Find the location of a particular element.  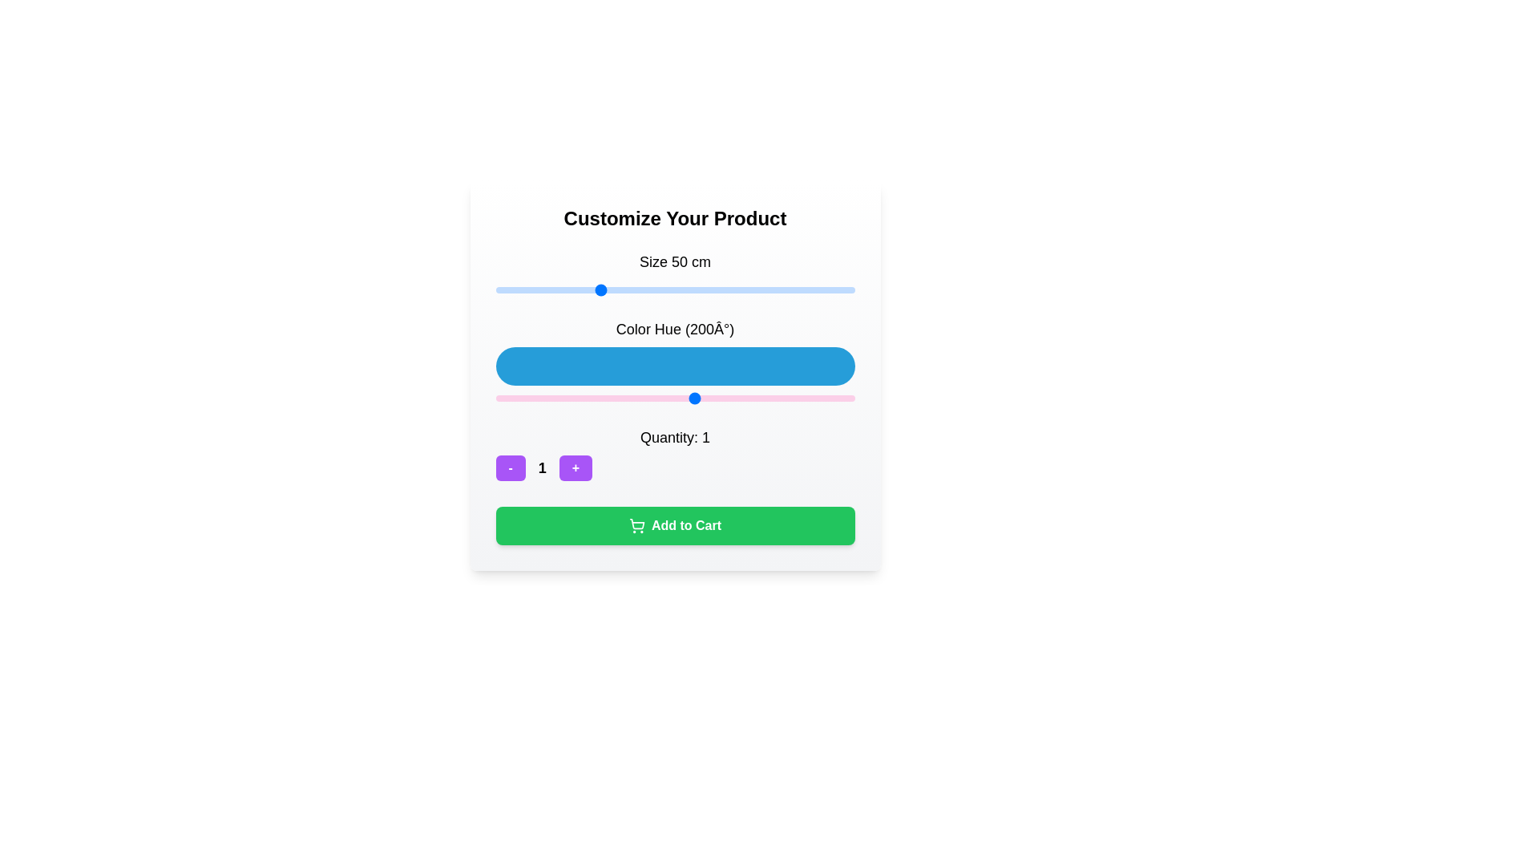

the color hue is located at coordinates (545, 398).